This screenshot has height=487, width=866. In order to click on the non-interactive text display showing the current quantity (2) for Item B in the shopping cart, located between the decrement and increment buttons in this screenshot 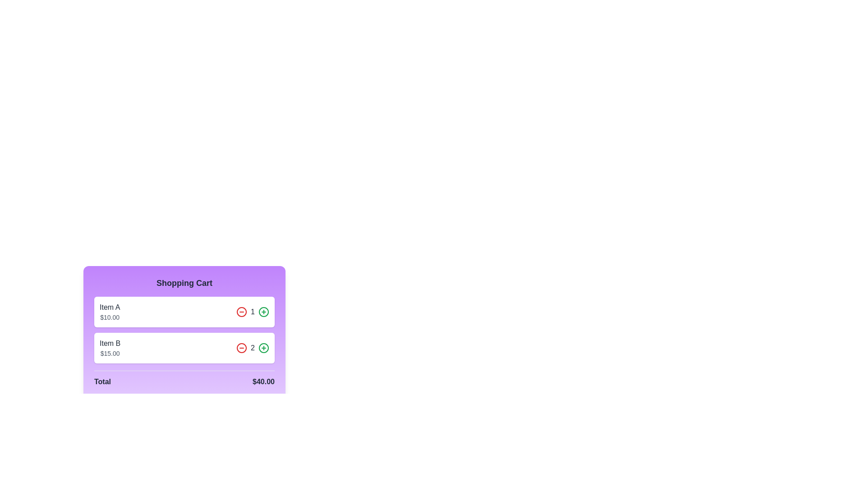, I will do `click(253, 347)`.